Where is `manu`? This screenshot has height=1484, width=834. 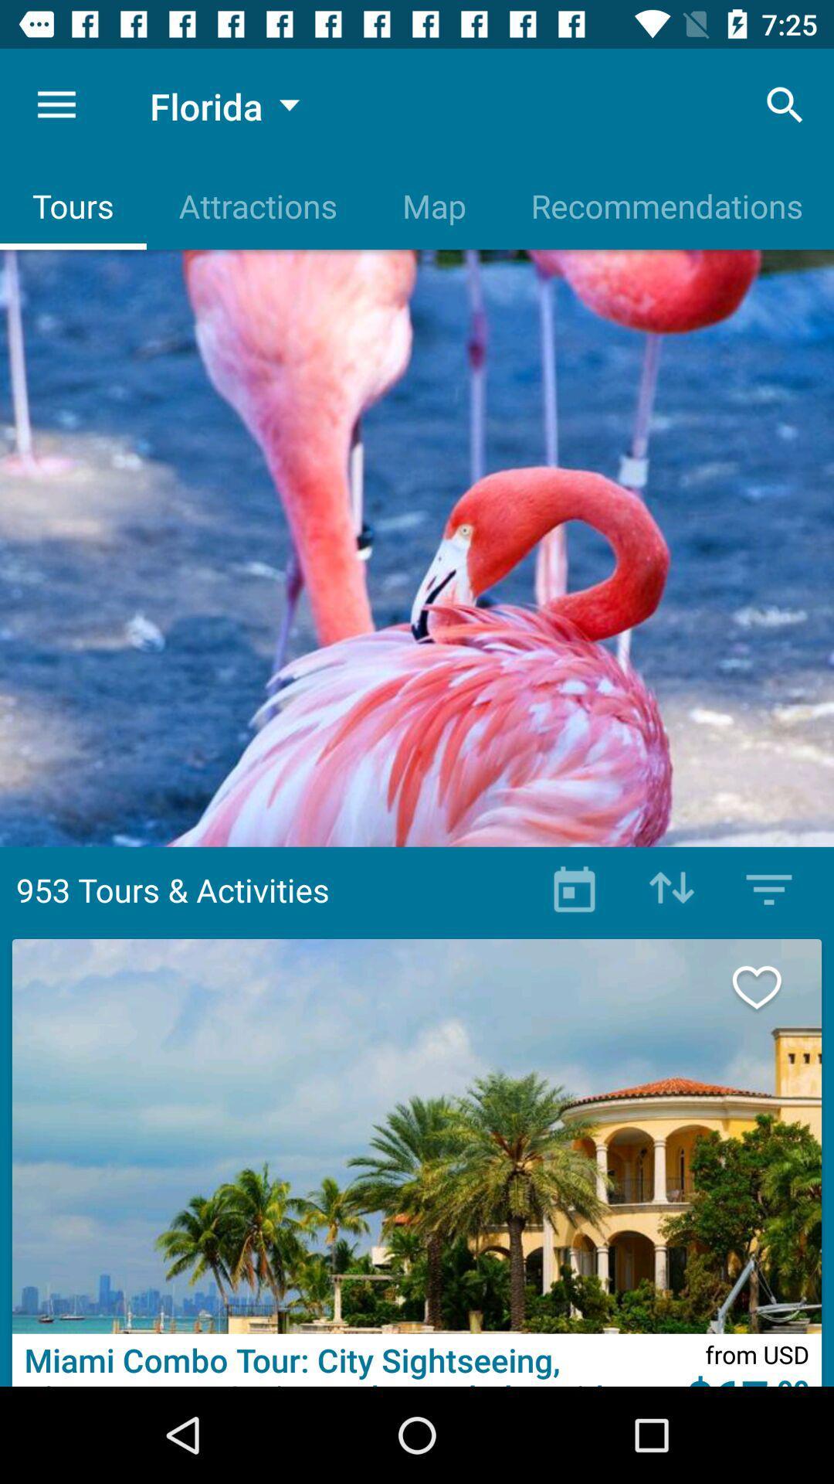 manu is located at coordinates (768, 890).